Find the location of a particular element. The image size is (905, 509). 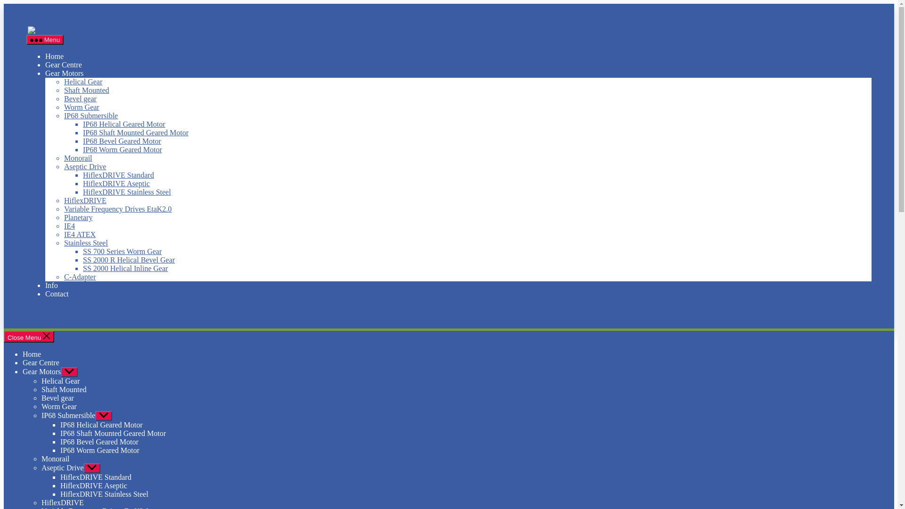

'C-Adapter' is located at coordinates (63, 276).